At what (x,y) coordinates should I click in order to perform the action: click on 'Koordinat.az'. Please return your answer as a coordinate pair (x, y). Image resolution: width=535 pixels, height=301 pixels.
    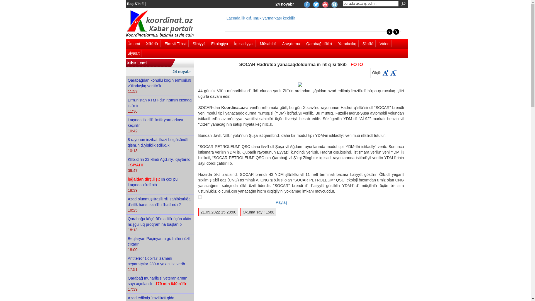
    Looking at the image, I should click on (125, 24).